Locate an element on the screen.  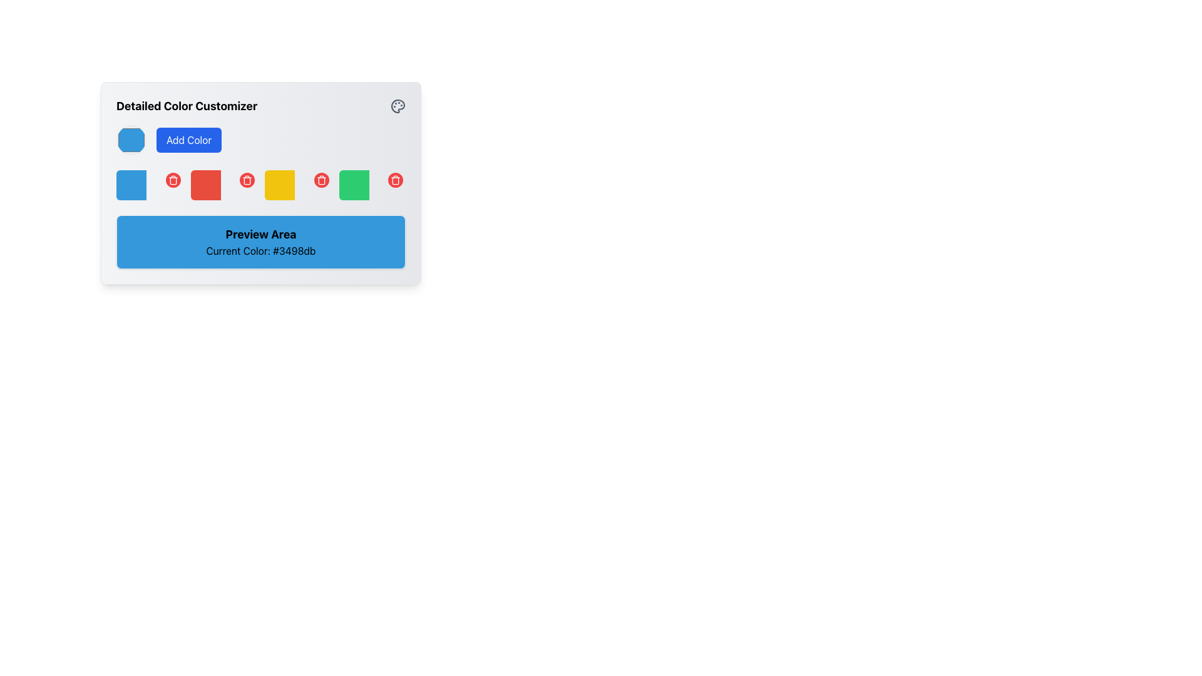
the delete button located to the right of the yellow square color swatch is located at coordinates (321, 180).